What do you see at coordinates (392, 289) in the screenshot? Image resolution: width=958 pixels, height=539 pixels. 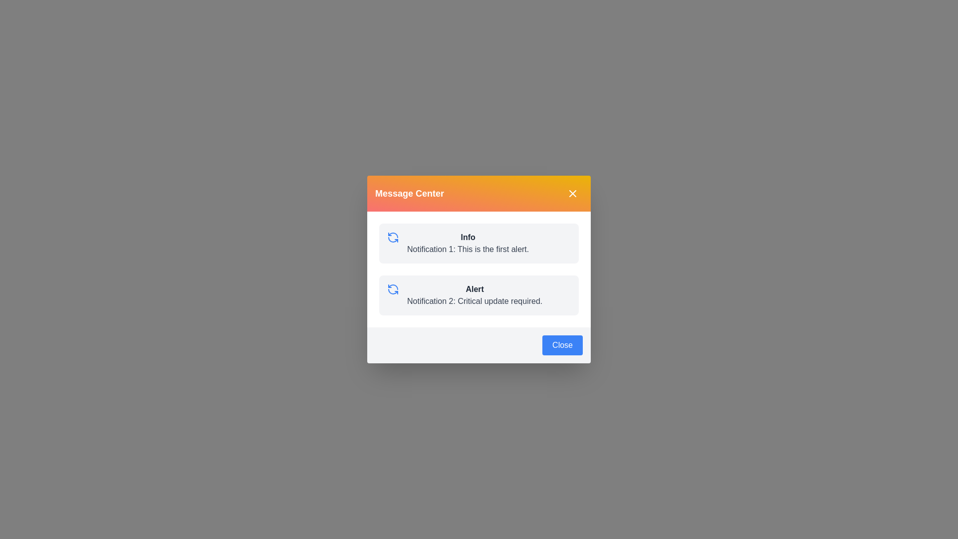 I see `the notification icon for Alert` at bounding box center [392, 289].